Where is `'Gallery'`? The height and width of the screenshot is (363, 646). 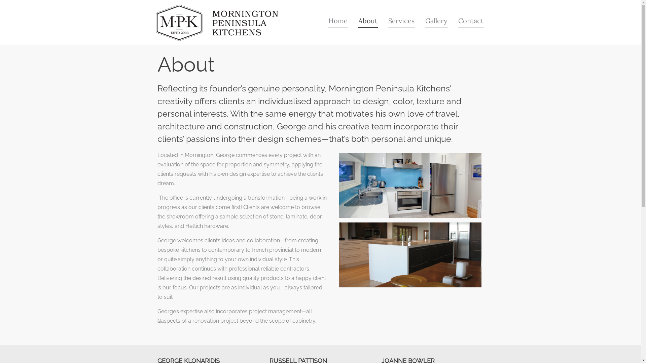 'Gallery' is located at coordinates (436, 21).